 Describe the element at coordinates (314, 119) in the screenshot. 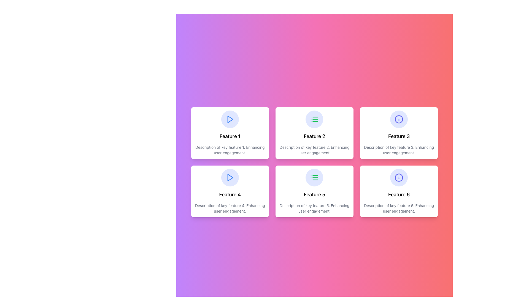

I see `the list layout icon with three horizontal green lines on a light blue circular background, located centrally within the 'Feature 5' card` at that location.